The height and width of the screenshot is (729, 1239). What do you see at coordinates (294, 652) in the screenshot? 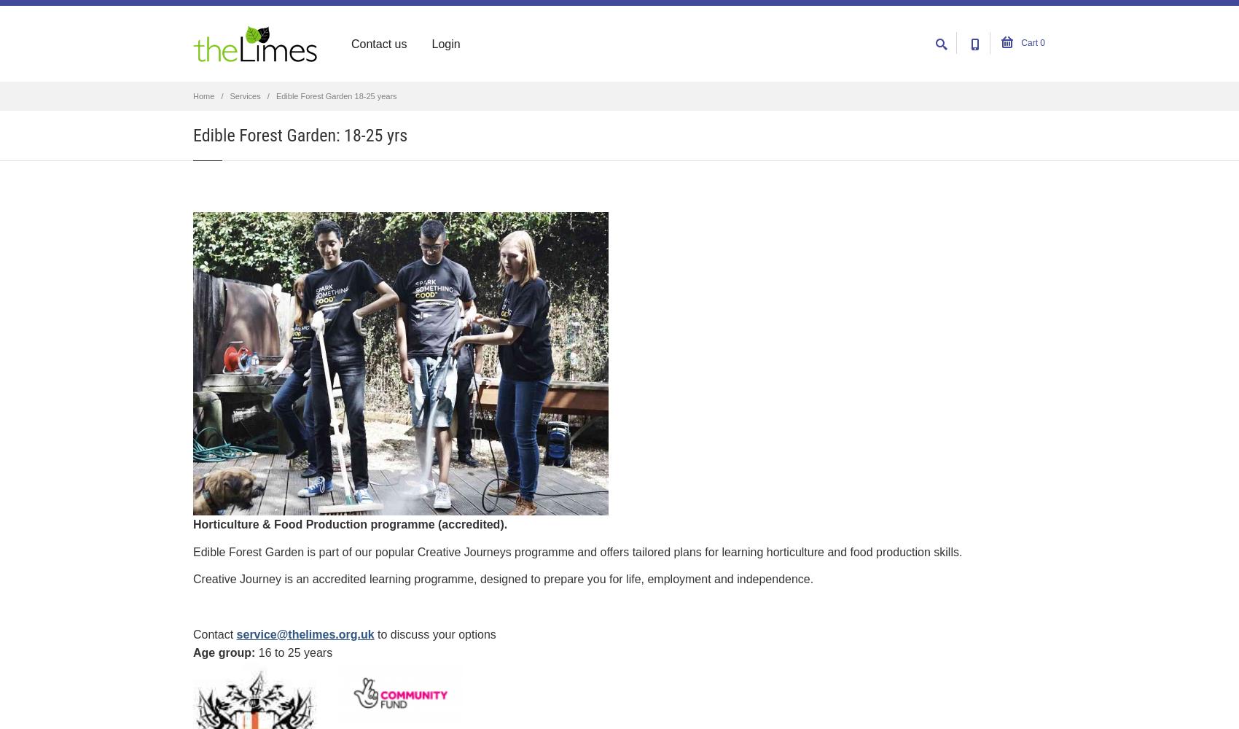
I see `'16 to 25 years'` at bounding box center [294, 652].